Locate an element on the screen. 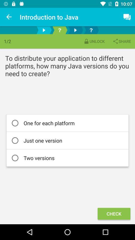 The width and height of the screenshot is (135, 240). check item is located at coordinates (114, 213).